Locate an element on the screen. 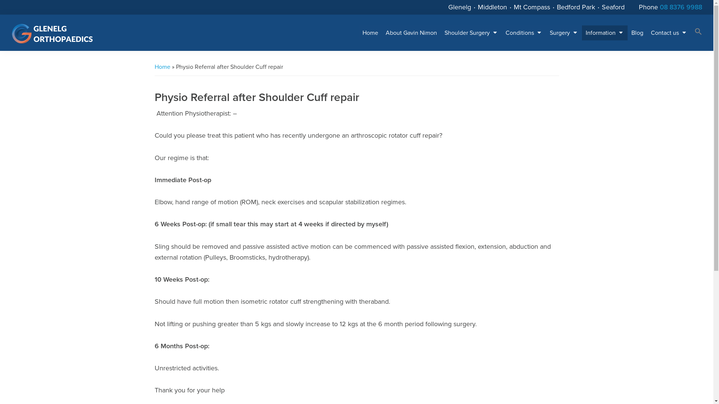 This screenshot has height=404, width=719. 'Skip to primary navigation' is located at coordinates (0, 0).